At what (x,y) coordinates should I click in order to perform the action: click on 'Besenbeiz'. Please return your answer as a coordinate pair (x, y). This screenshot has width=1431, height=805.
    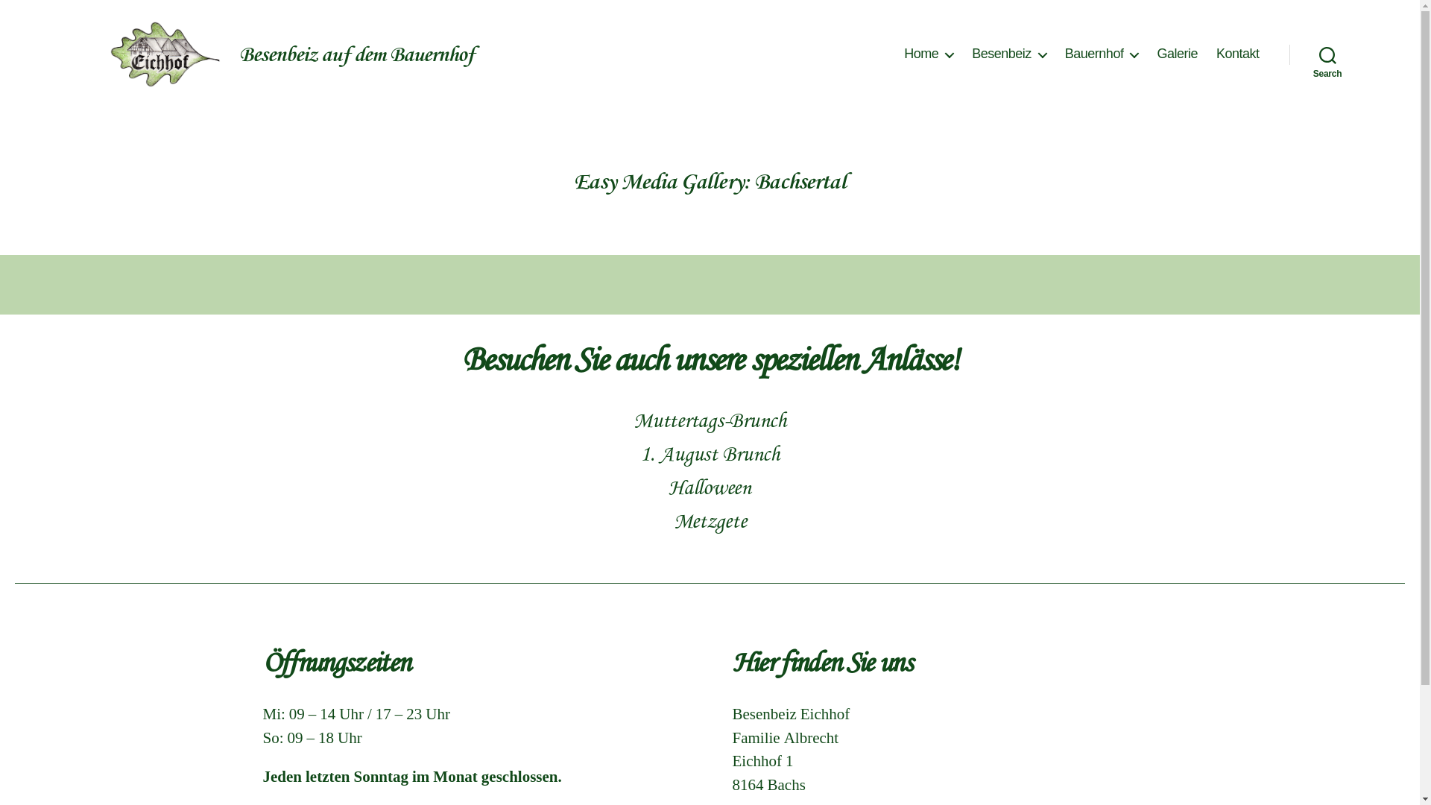
    Looking at the image, I should click on (1008, 54).